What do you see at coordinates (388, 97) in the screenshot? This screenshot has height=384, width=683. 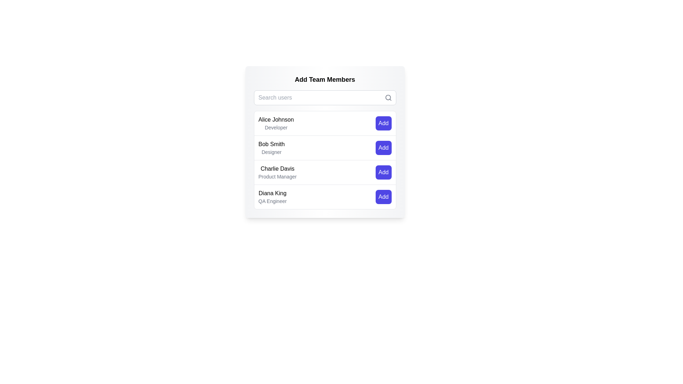 I see `the search icon button located at the far right of the search input field` at bounding box center [388, 97].